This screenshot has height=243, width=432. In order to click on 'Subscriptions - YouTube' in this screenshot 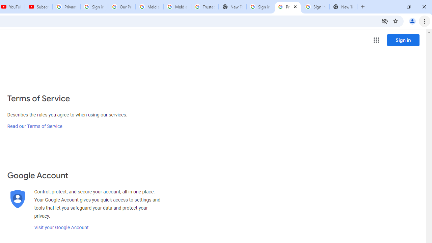, I will do `click(38, 7)`.